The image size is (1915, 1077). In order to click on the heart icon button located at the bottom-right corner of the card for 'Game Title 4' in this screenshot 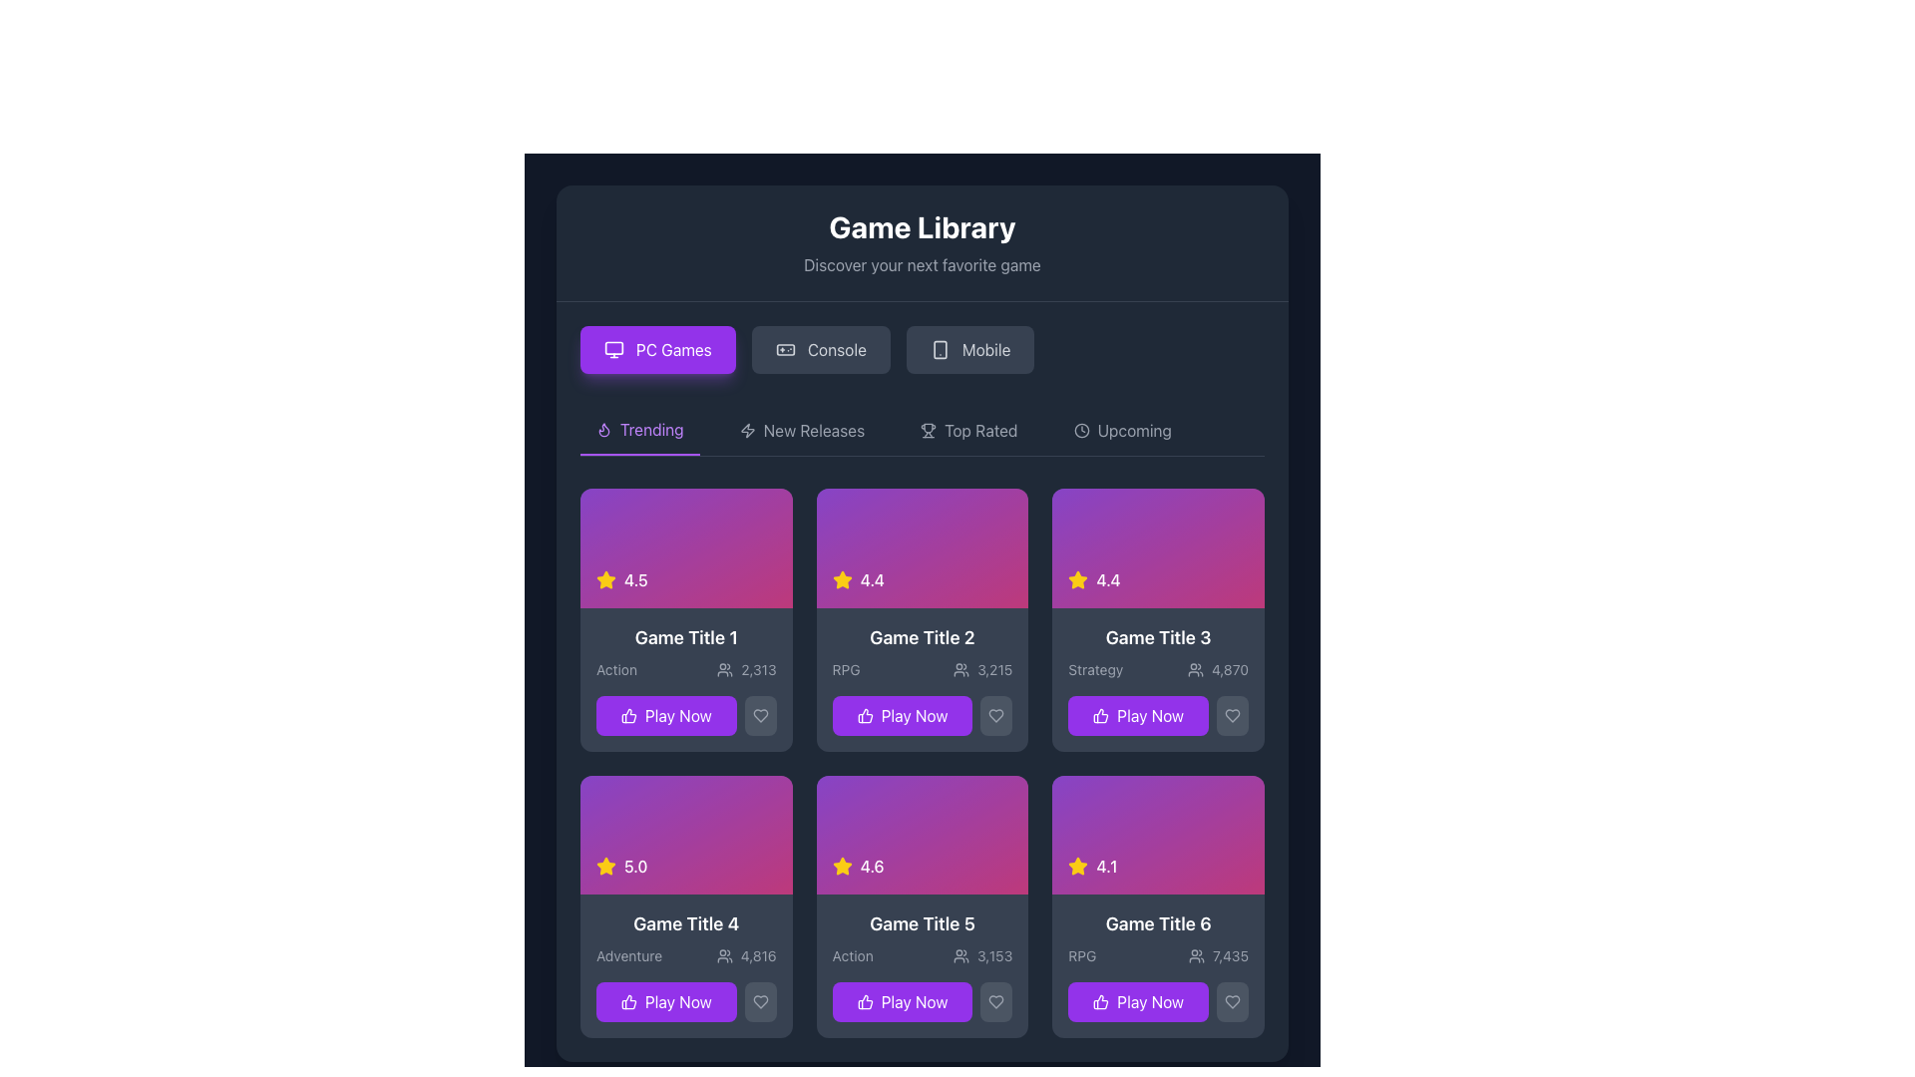, I will do `click(759, 1002)`.